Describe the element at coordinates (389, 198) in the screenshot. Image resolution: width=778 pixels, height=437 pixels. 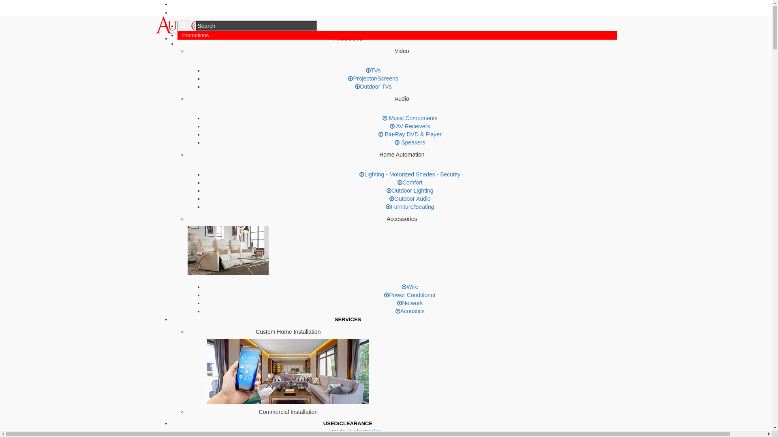
I see `'Outdoor Audio'` at that location.